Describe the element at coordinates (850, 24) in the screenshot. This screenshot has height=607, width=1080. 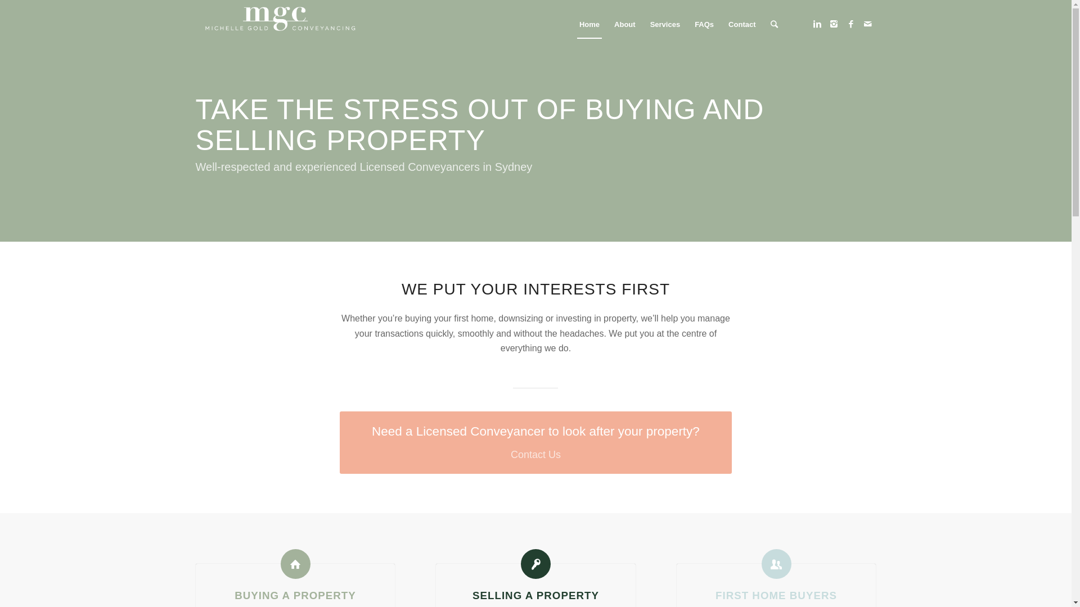
I see `'Facebook'` at that location.